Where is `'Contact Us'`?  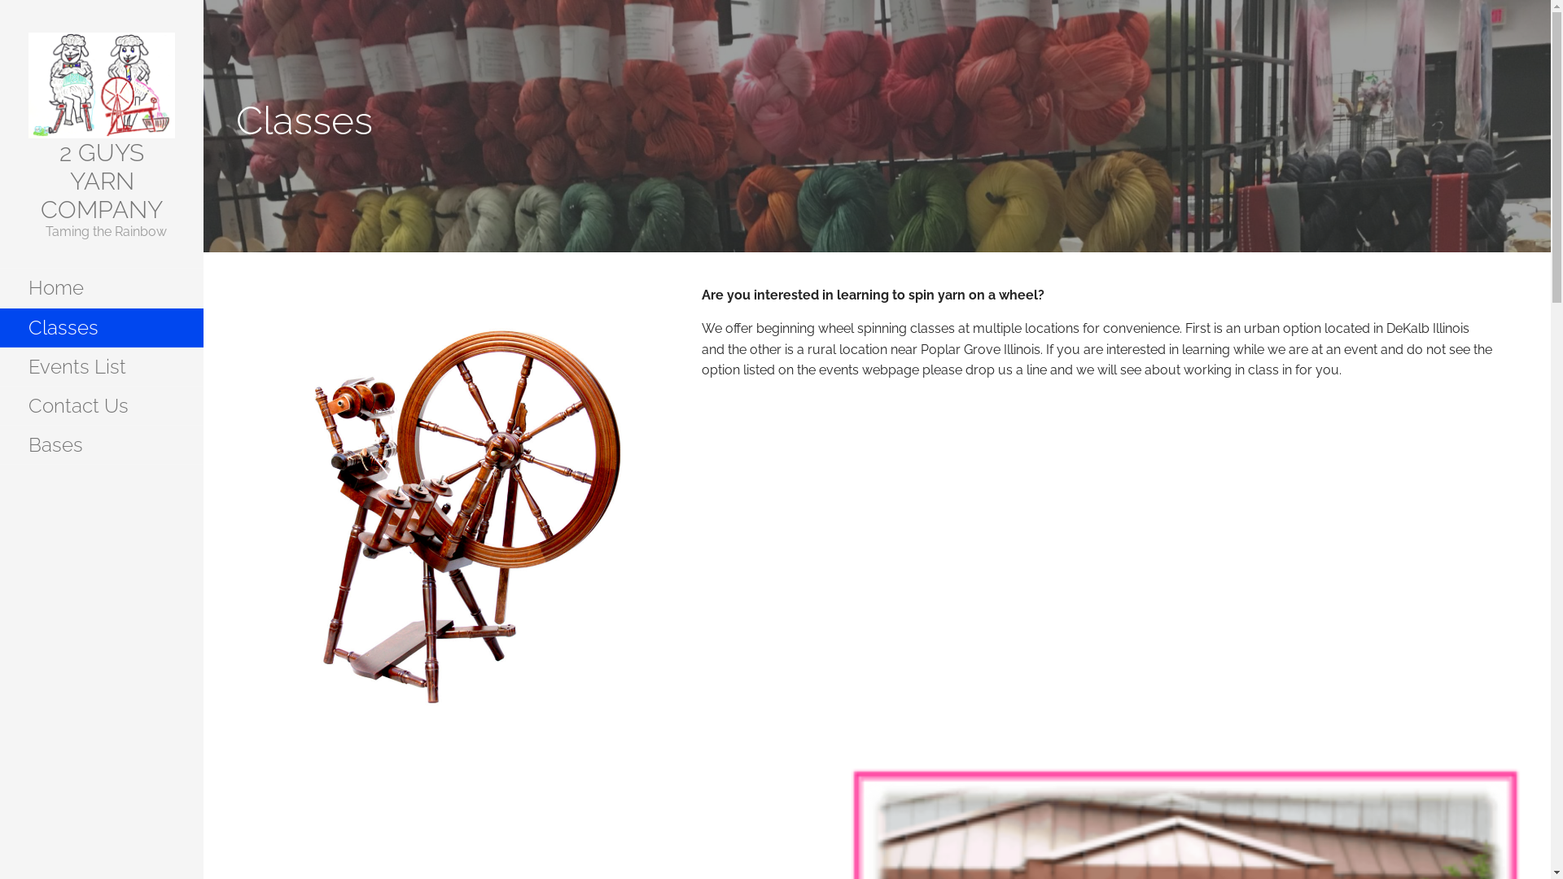 'Contact Us' is located at coordinates (100, 405).